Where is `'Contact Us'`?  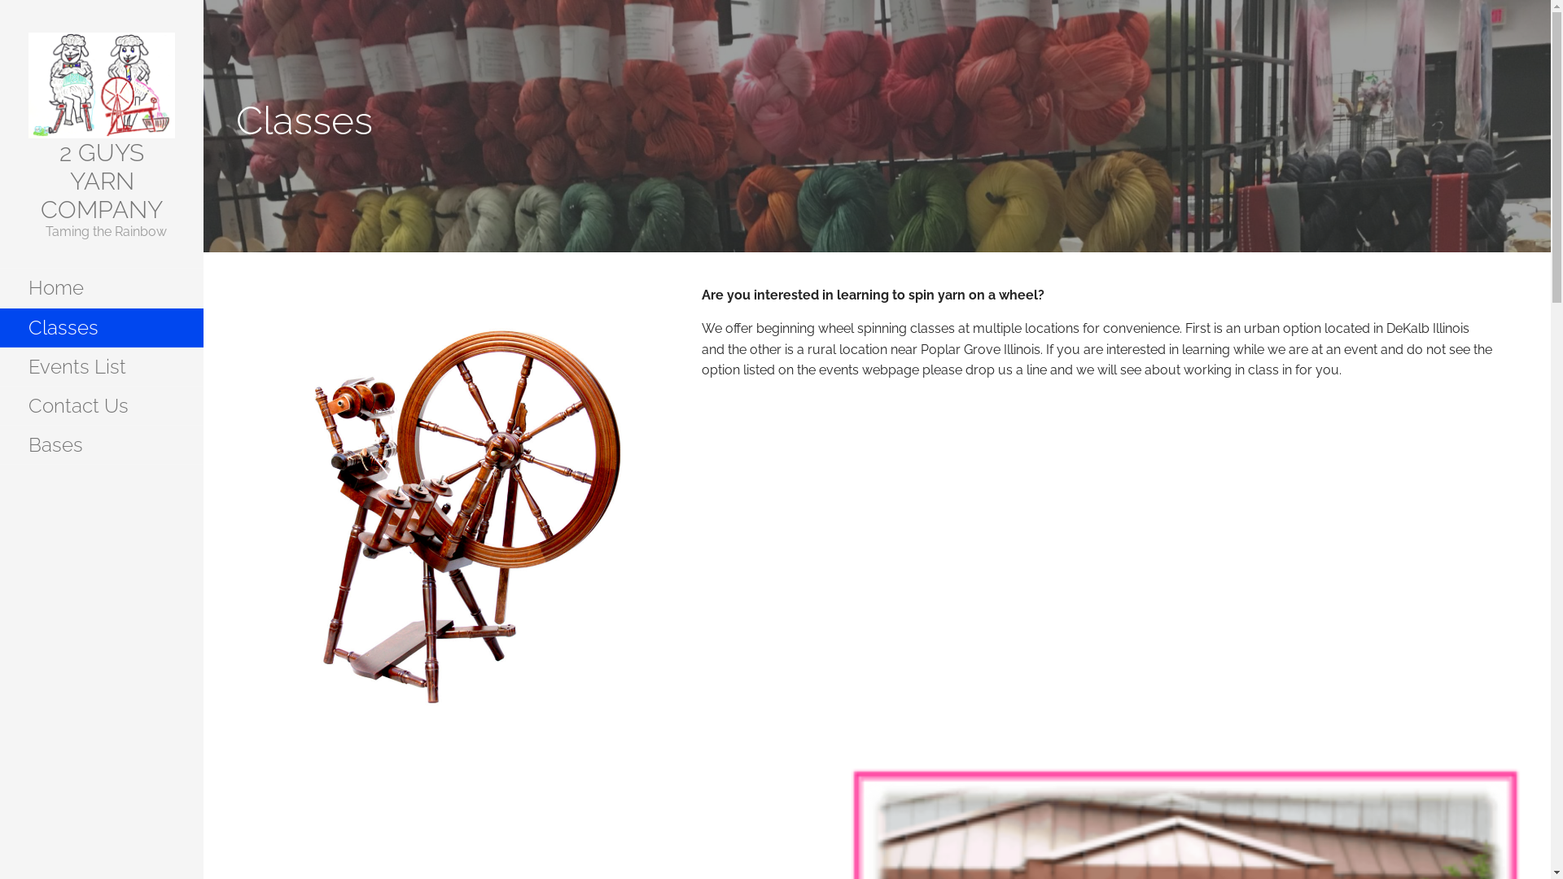 'Contact Us' is located at coordinates (100, 405).